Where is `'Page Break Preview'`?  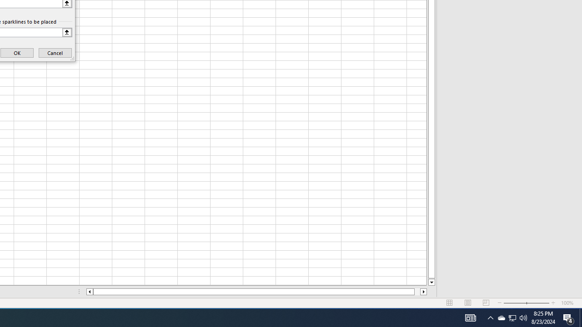
'Page Break Preview' is located at coordinates (486, 303).